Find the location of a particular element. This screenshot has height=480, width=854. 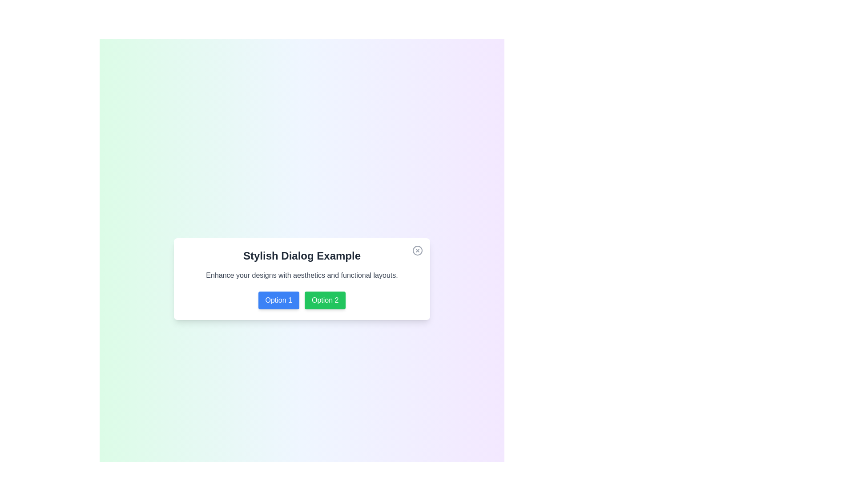

the 'Option 2' button to trigger its associated action is located at coordinates (324, 300).